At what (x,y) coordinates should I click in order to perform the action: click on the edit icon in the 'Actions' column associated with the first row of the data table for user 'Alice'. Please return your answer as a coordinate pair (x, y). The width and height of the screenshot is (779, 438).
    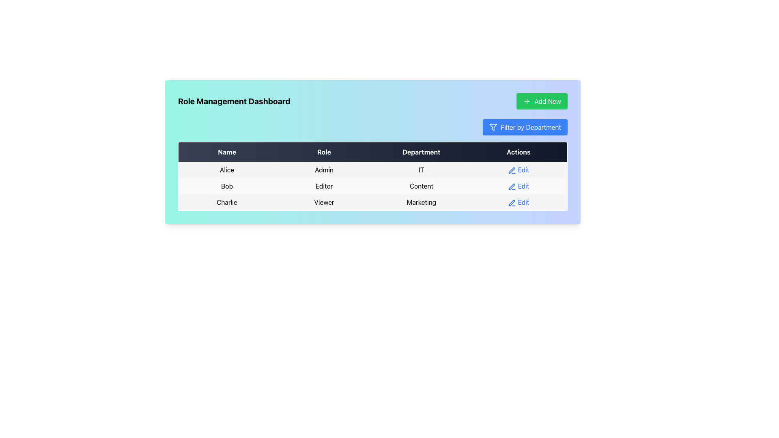
    Looking at the image, I should click on (512, 170).